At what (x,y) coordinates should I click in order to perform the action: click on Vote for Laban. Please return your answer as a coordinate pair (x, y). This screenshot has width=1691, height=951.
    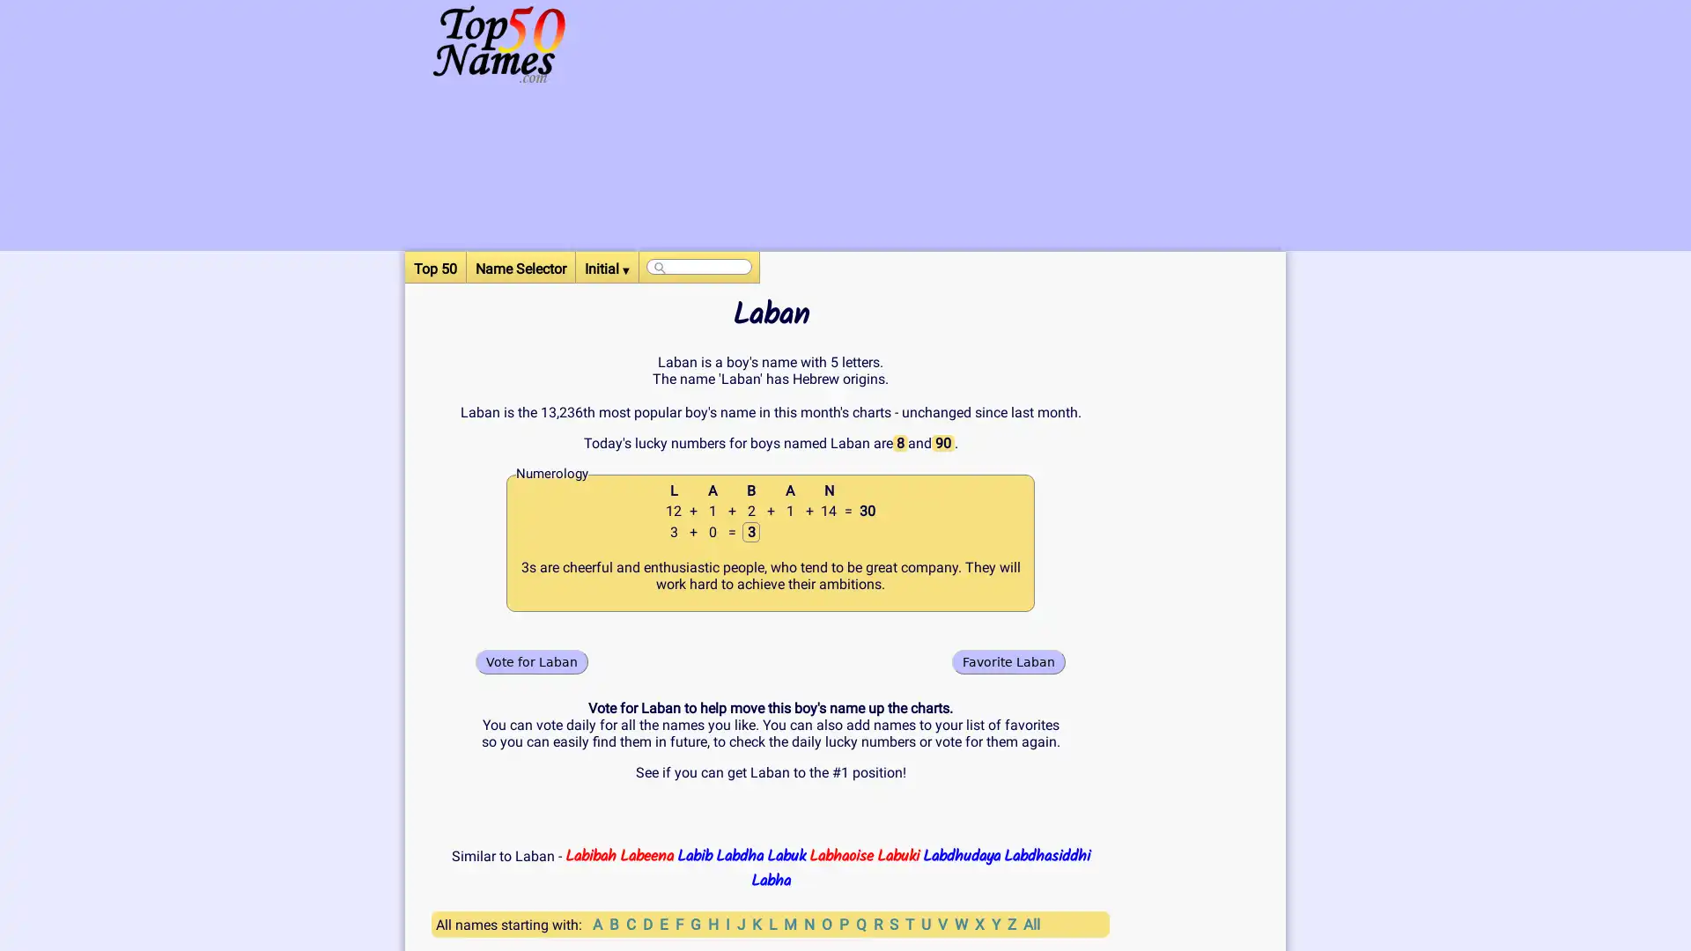
    Looking at the image, I should click on (531, 661).